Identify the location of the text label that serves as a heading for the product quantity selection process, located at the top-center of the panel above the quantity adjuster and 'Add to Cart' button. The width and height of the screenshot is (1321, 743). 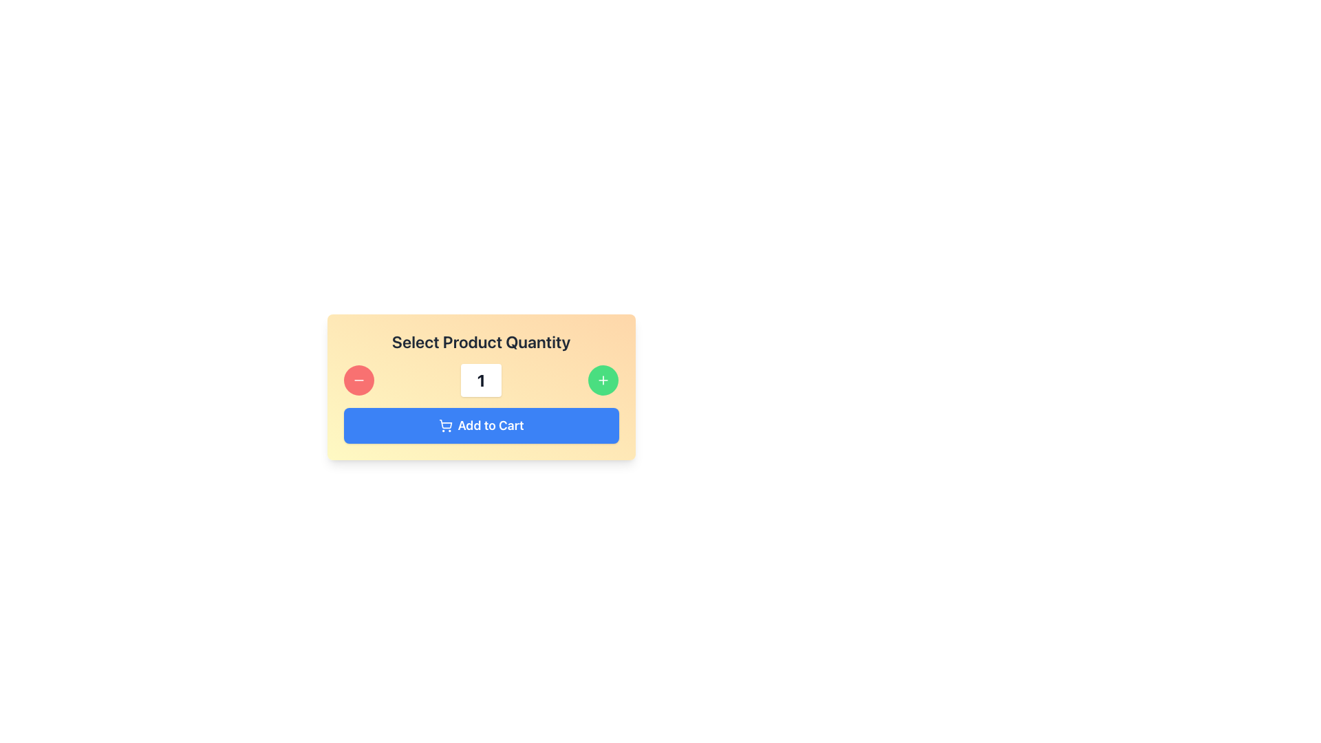
(481, 341).